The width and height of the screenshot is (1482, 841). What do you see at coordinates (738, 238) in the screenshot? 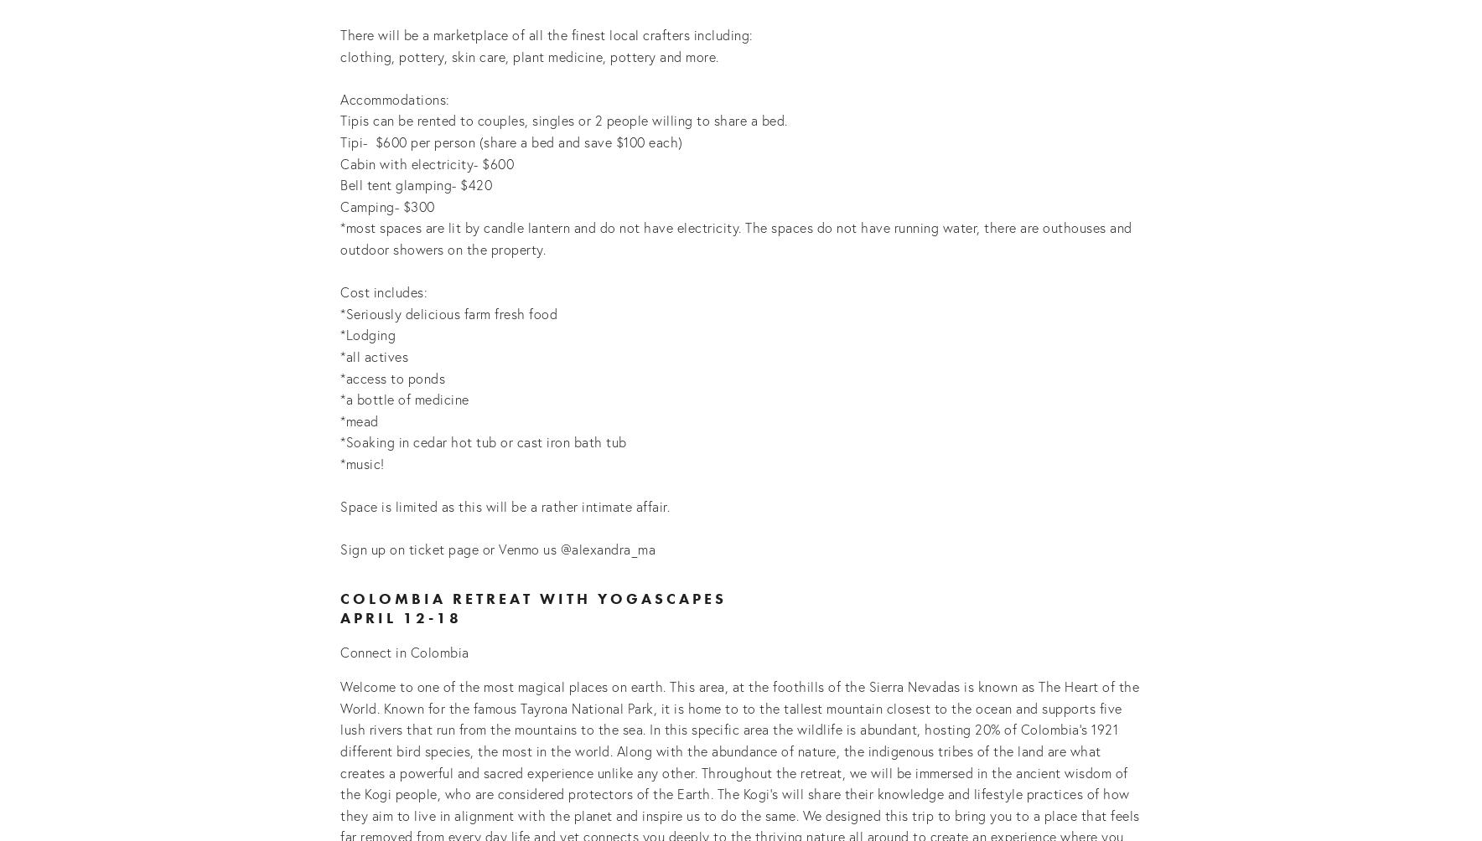
I see `'*most spaces are lit by candle lantern and do not have electricity. The spaces do not have running water, there are outhouses and outdoor showers on the property.'` at bounding box center [738, 238].